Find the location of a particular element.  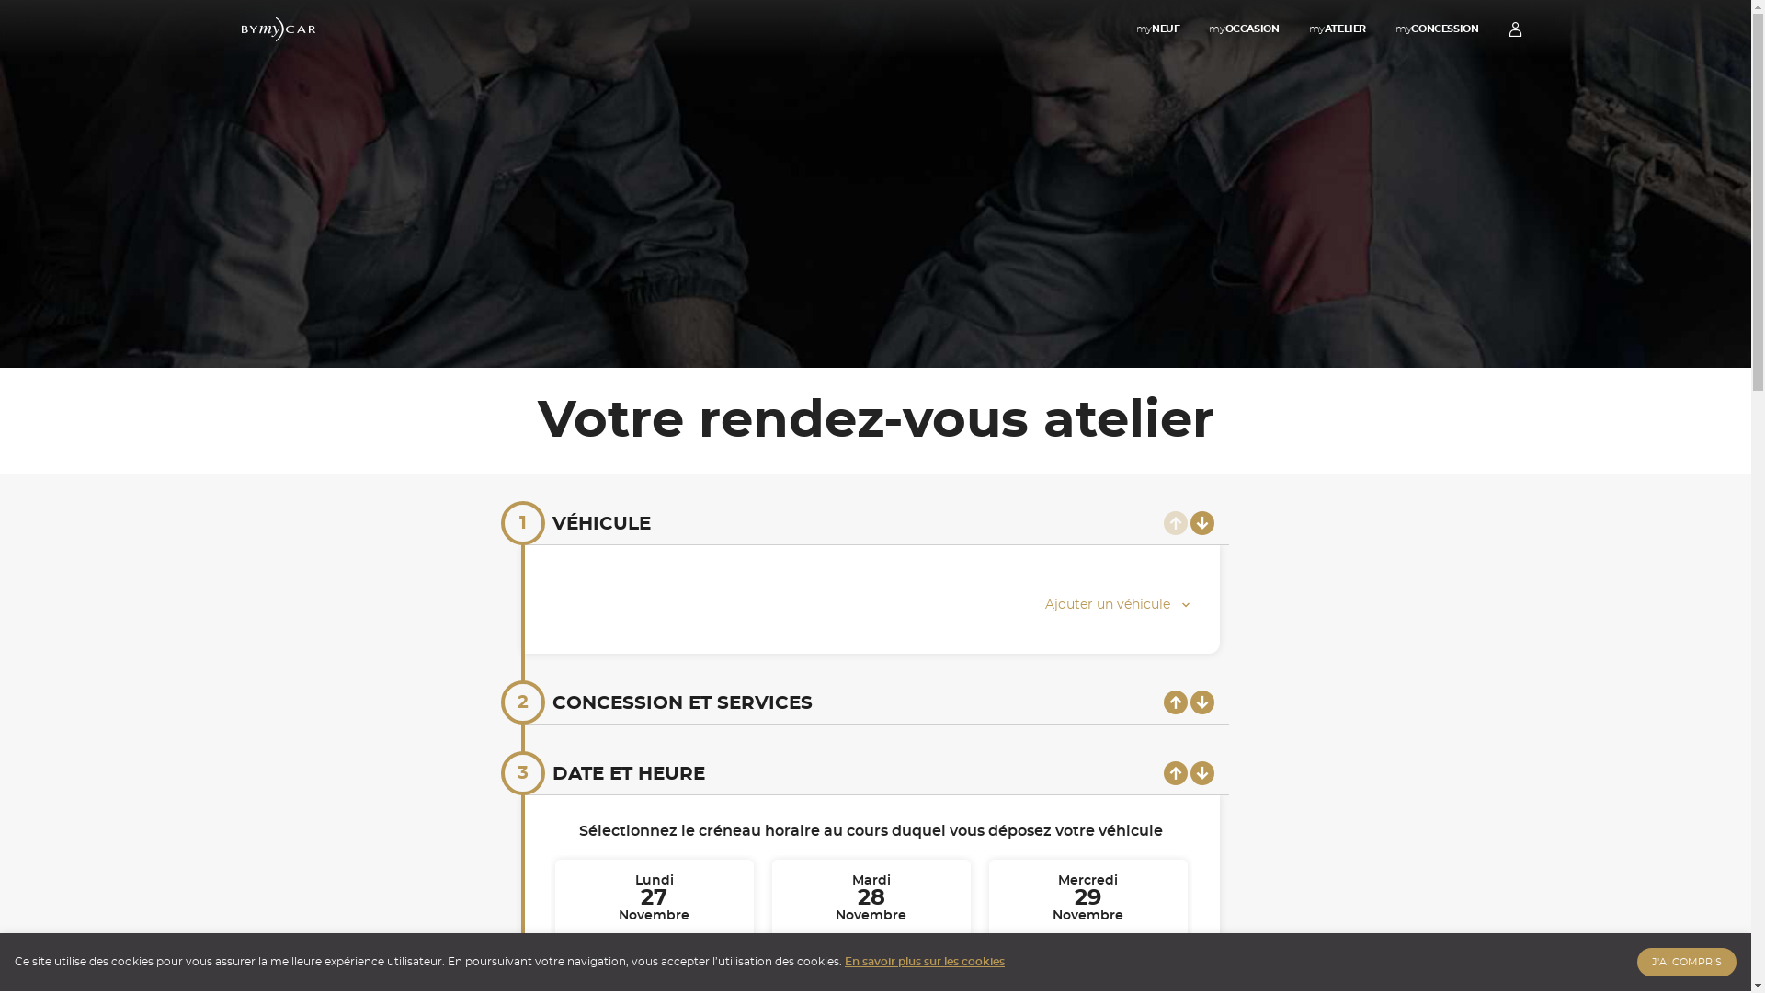

'3' is located at coordinates (520, 772).